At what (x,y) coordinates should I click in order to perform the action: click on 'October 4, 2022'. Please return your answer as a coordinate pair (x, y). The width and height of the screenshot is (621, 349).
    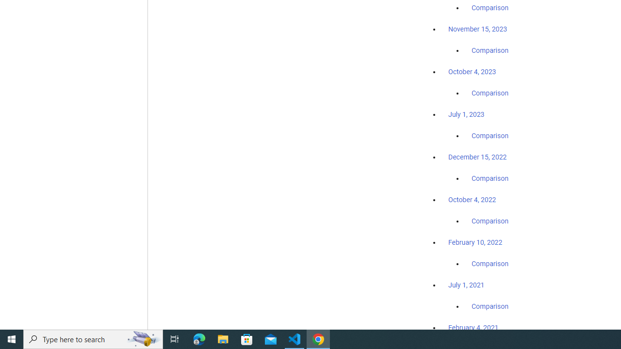
    Looking at the image, I should click on (472, 199).